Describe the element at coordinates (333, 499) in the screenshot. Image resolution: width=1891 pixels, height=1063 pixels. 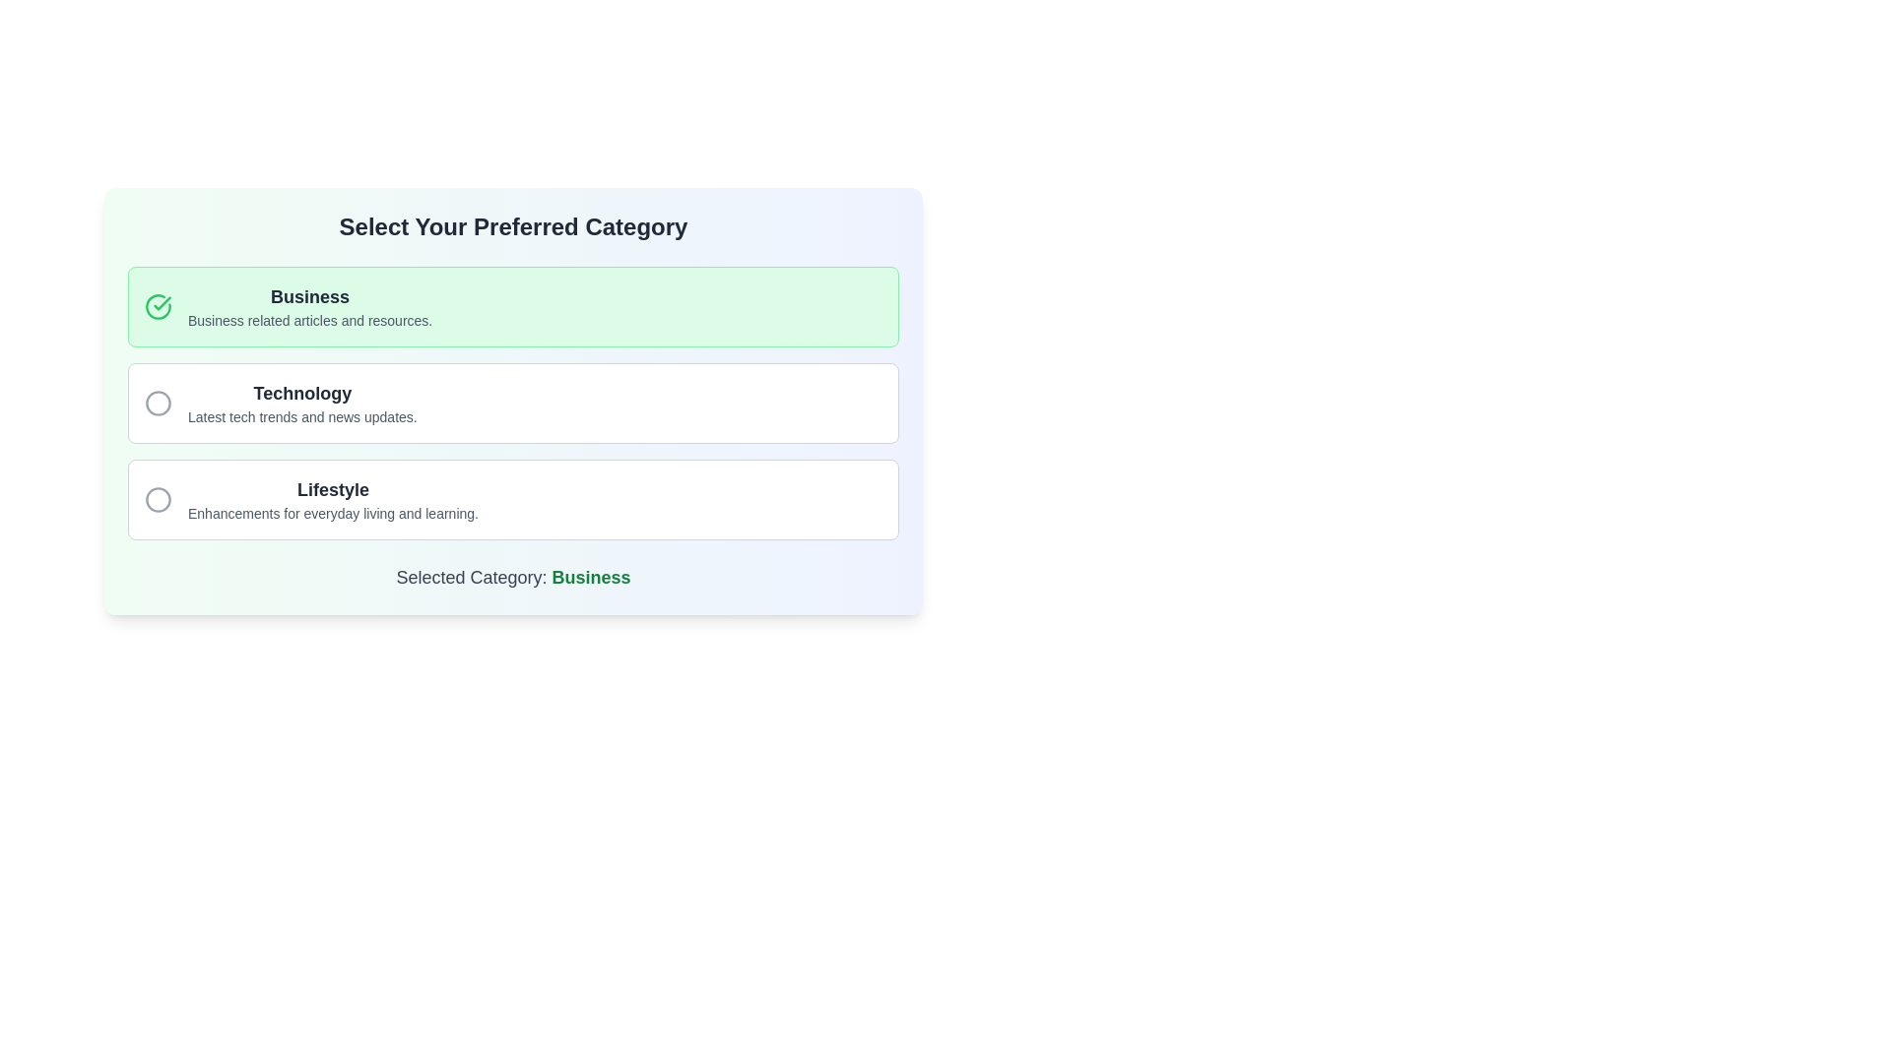
I see `the text block containing the title 'Lifestyle' and subtitle 'Enhancements for everyday living and learning', which is located within the third selectable category option between 'Technology' and 'Selected Category'` at that location.